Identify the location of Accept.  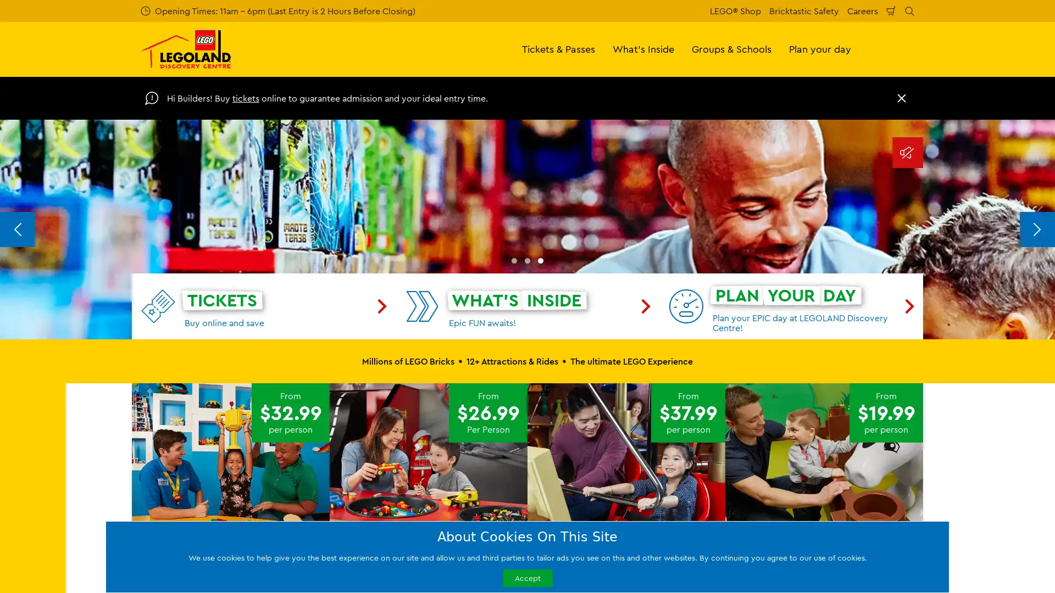
(526, 577).